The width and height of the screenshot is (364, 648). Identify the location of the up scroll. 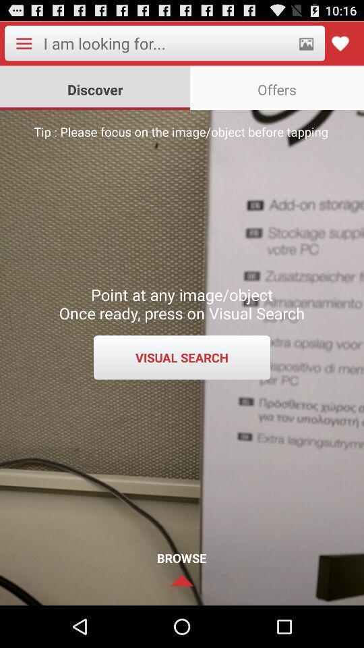
(182, 579).